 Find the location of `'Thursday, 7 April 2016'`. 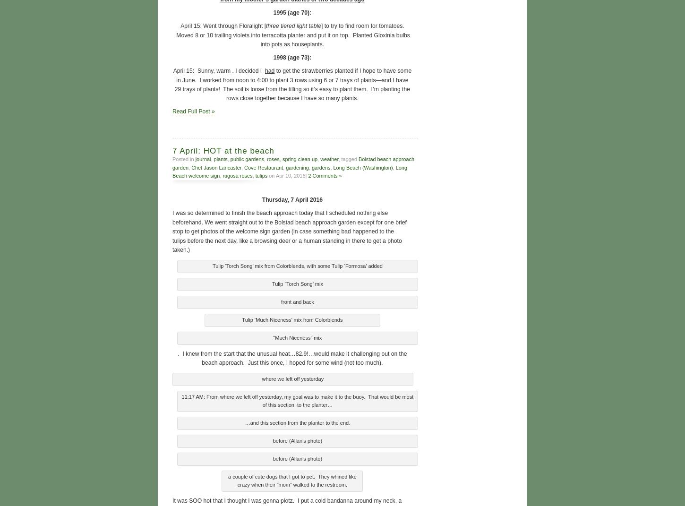

'Thursday, 7 April 2016' is located at coordinates (291, 199).